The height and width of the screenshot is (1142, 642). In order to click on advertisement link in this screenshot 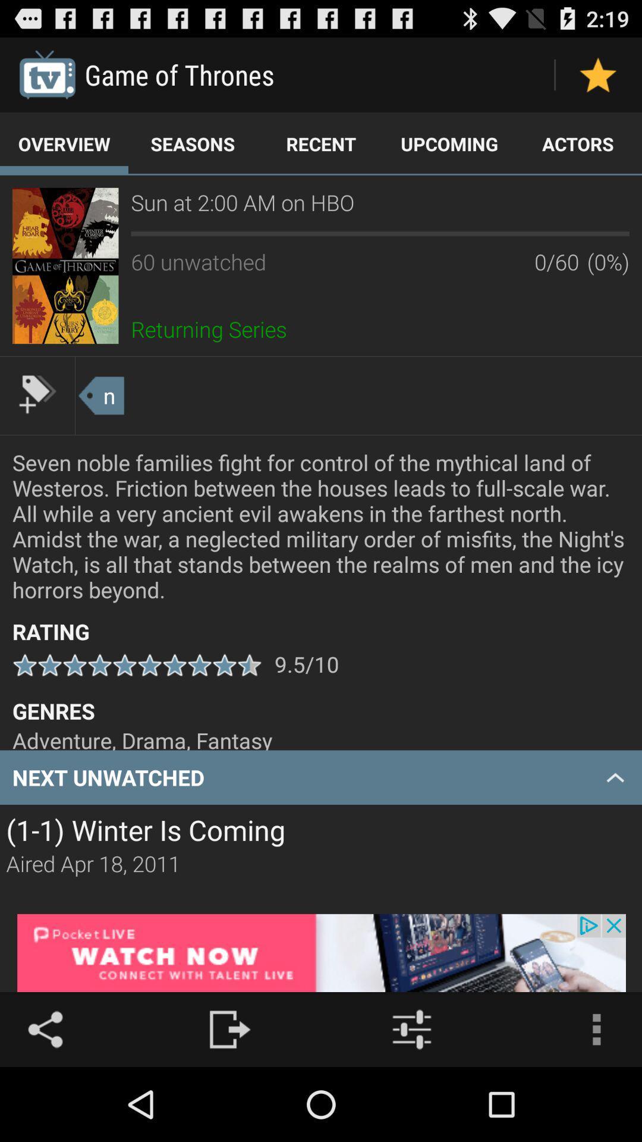, I will do `click(321, 953)`.